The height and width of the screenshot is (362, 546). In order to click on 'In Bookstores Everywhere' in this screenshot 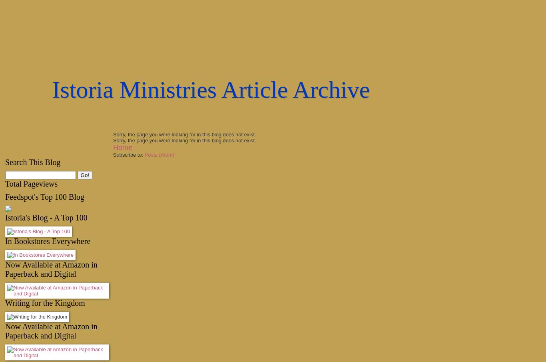, I will do `click(47, 241)`.